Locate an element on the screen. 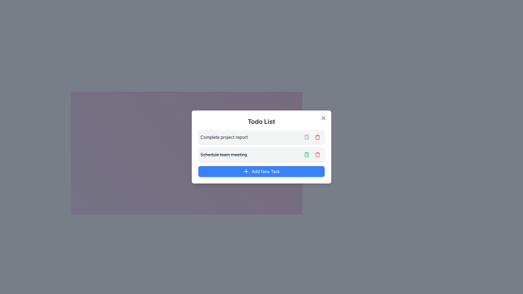 The width and height of the screenshot is (523, 294). the icon located to the right of the text 'Complete project report' in the first item of the to-do list is located at coordinates (307, 137).